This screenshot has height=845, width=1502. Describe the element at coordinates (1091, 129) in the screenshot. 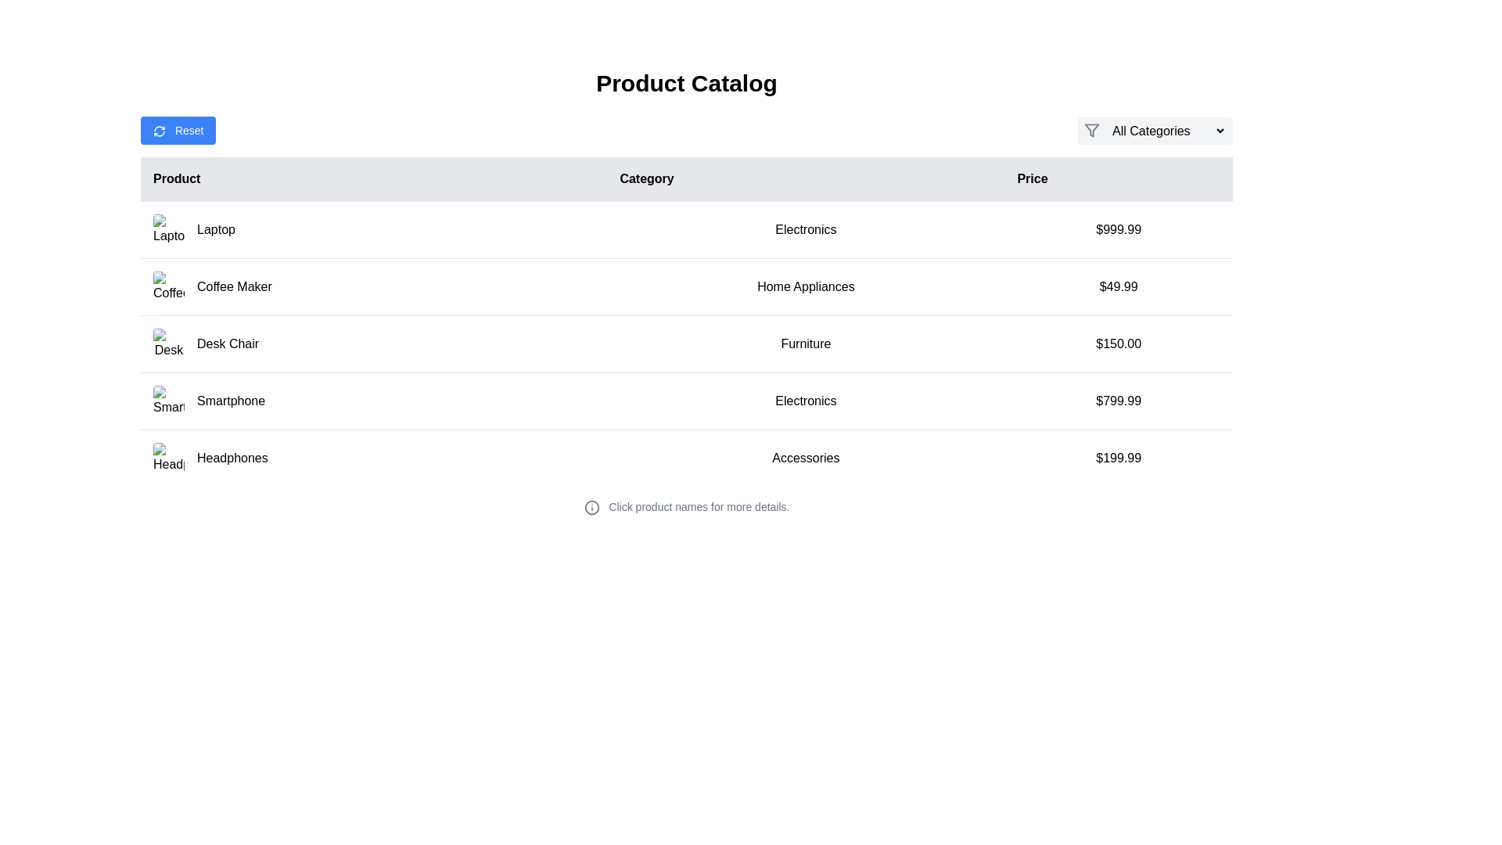

I see `the filter icon located in the top-right section of the interface, adjacent to the 'All Categories' dropdown menu` at that location.